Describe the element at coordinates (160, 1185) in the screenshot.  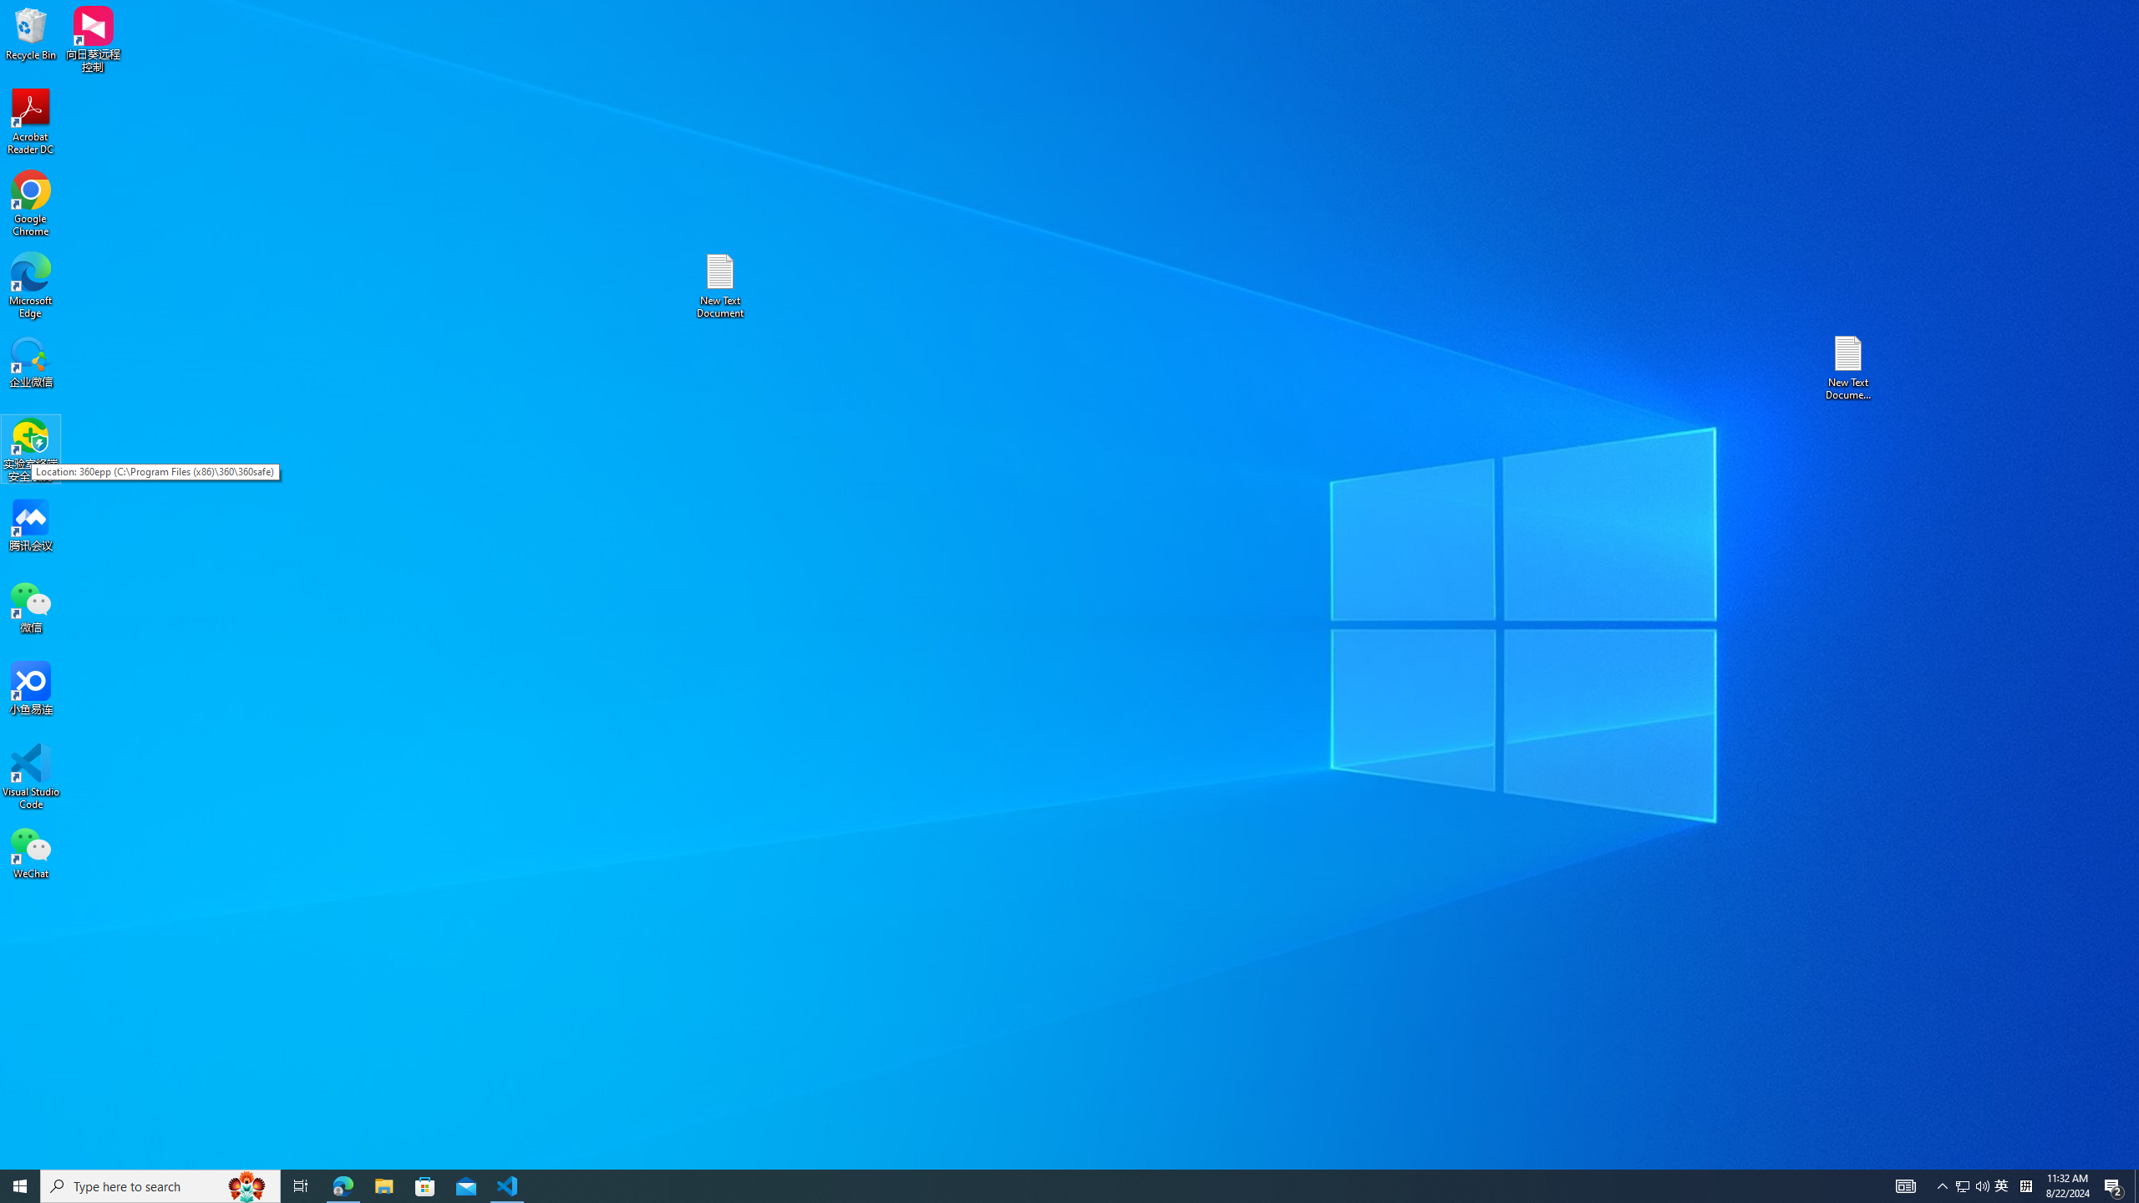
I see `'Type here to search'` at that location.